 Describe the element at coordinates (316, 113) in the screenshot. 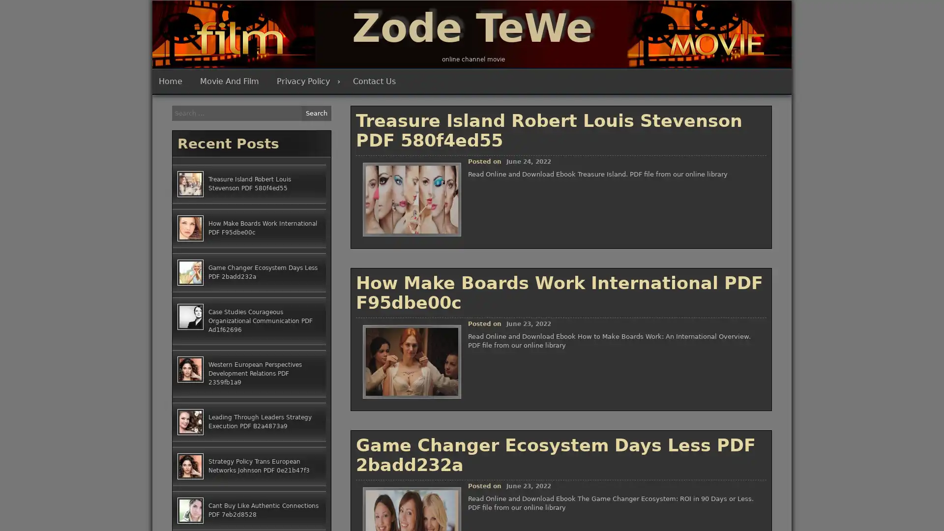

I see `Search` at that location.